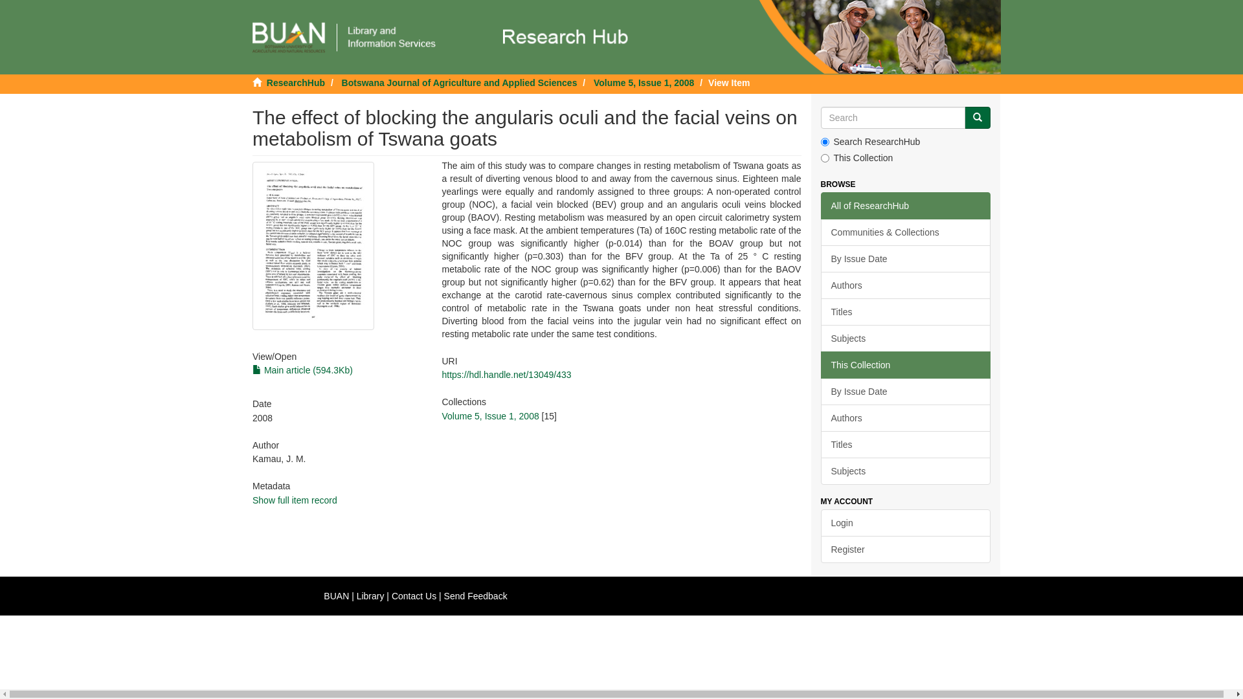 The height and width of the screenshot is (699, 1243). I want to click on 'Titles', so click(905, 443).